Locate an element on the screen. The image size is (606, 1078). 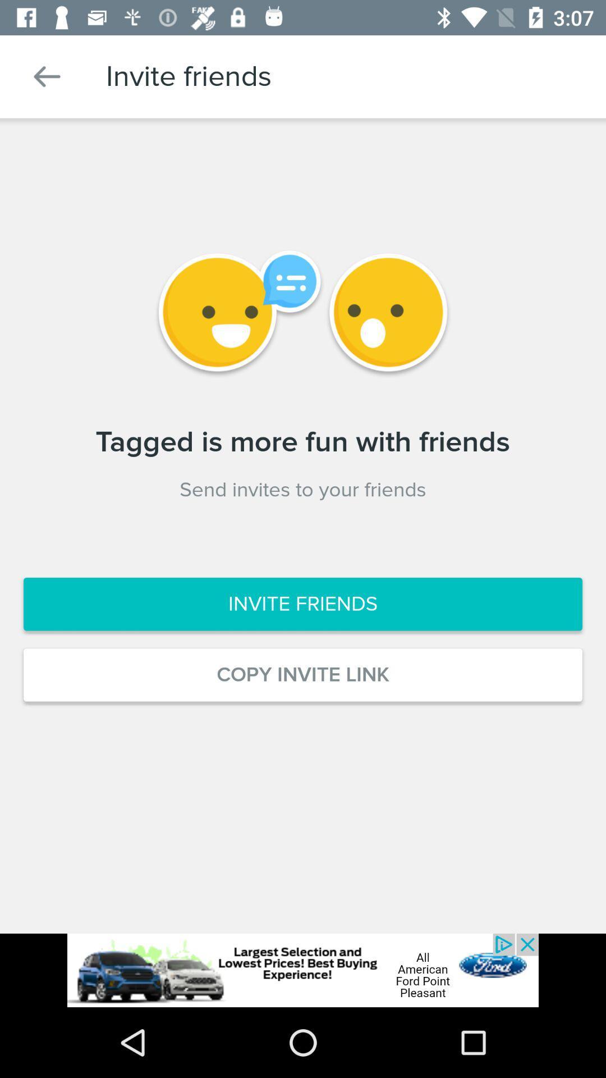
open advertisement is located at coordinates (303, 970).